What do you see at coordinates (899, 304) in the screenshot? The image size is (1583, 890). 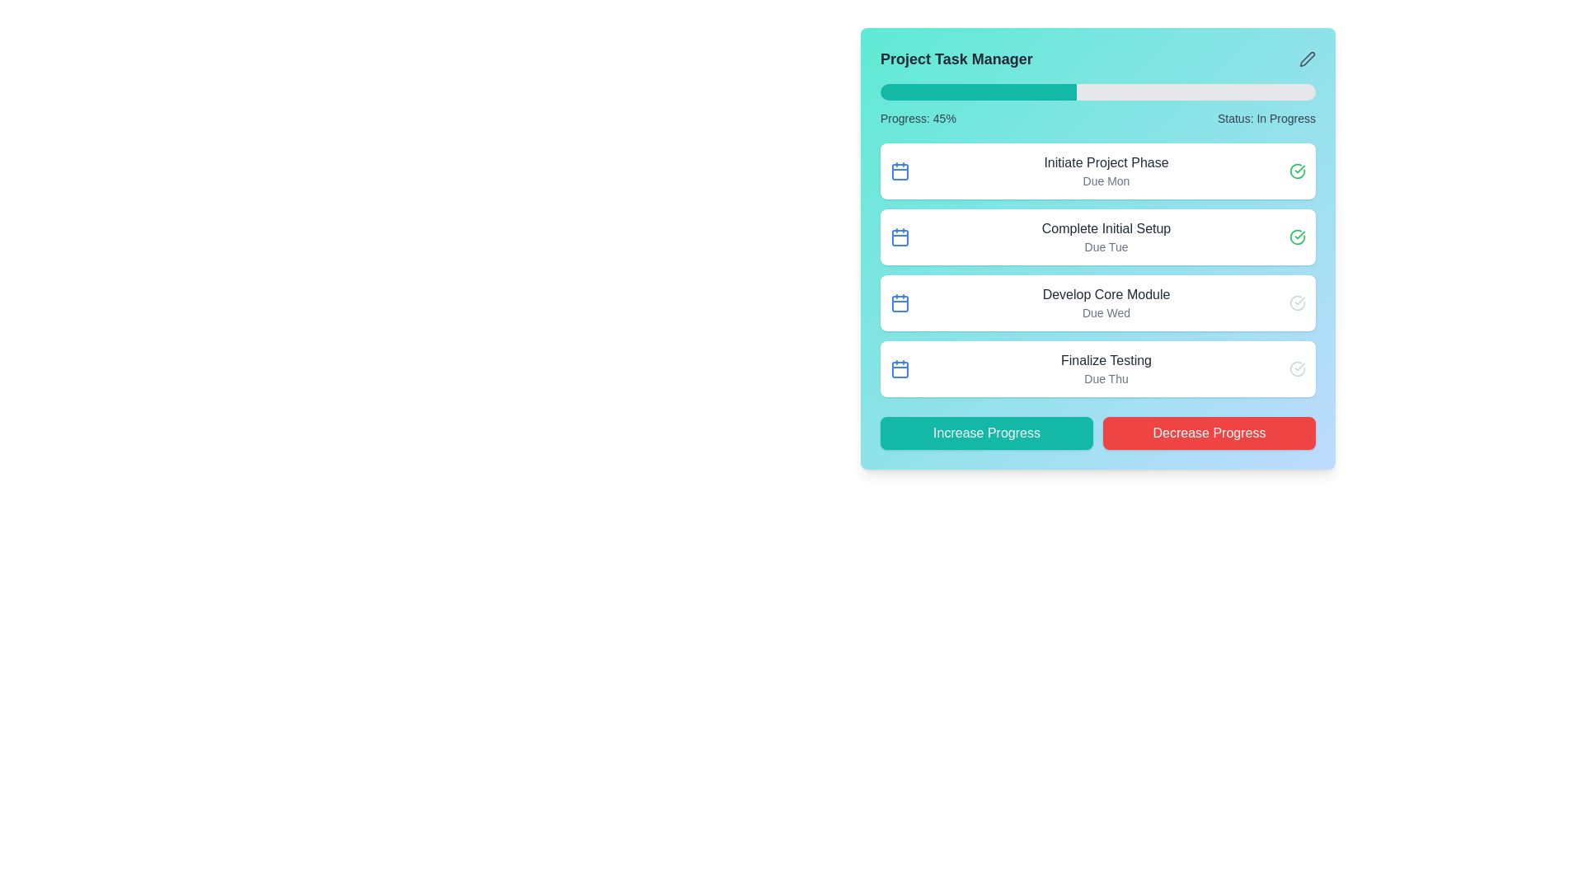 I see `the SVG rectangle element that visually indicates an emphasized date or active state within the calendar icon, located in the third list item titled 'Develop Core Module'` at bounding box center [899, 304].